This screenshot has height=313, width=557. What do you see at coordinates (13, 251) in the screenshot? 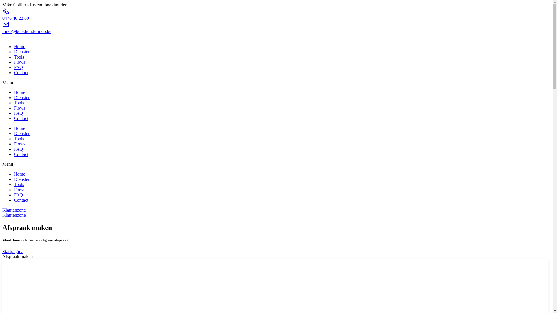
I see `'Startpagina'` at bounding box center [13, 251].